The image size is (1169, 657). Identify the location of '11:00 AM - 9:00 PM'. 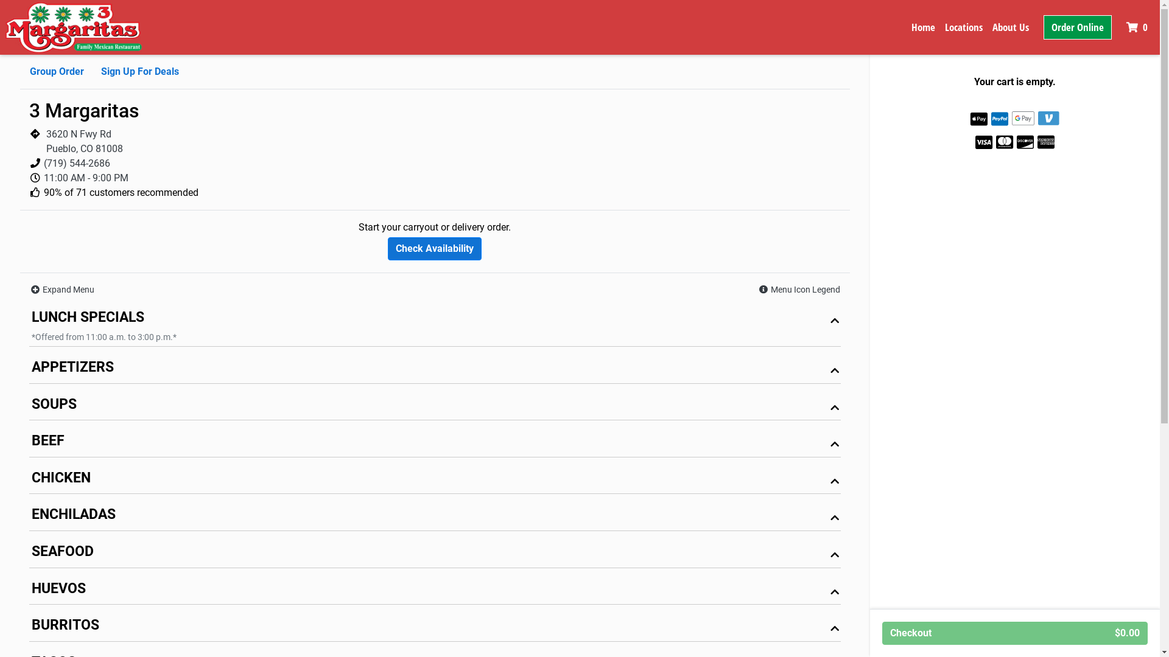
(85, 178).